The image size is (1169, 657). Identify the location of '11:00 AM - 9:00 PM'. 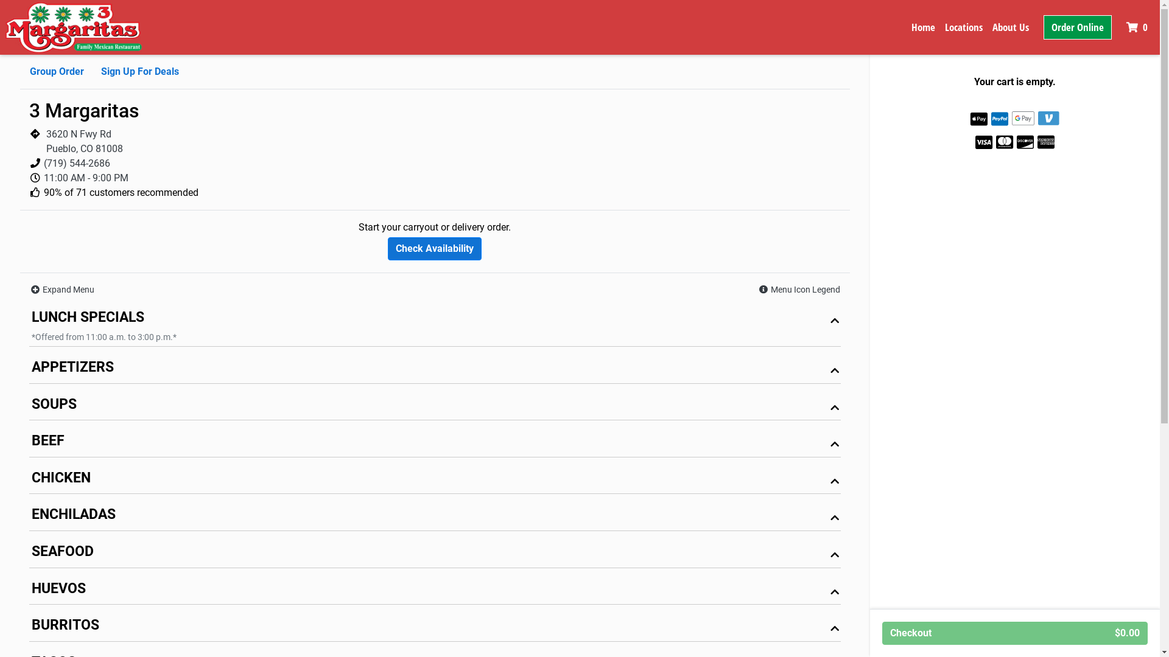
(85, 178).